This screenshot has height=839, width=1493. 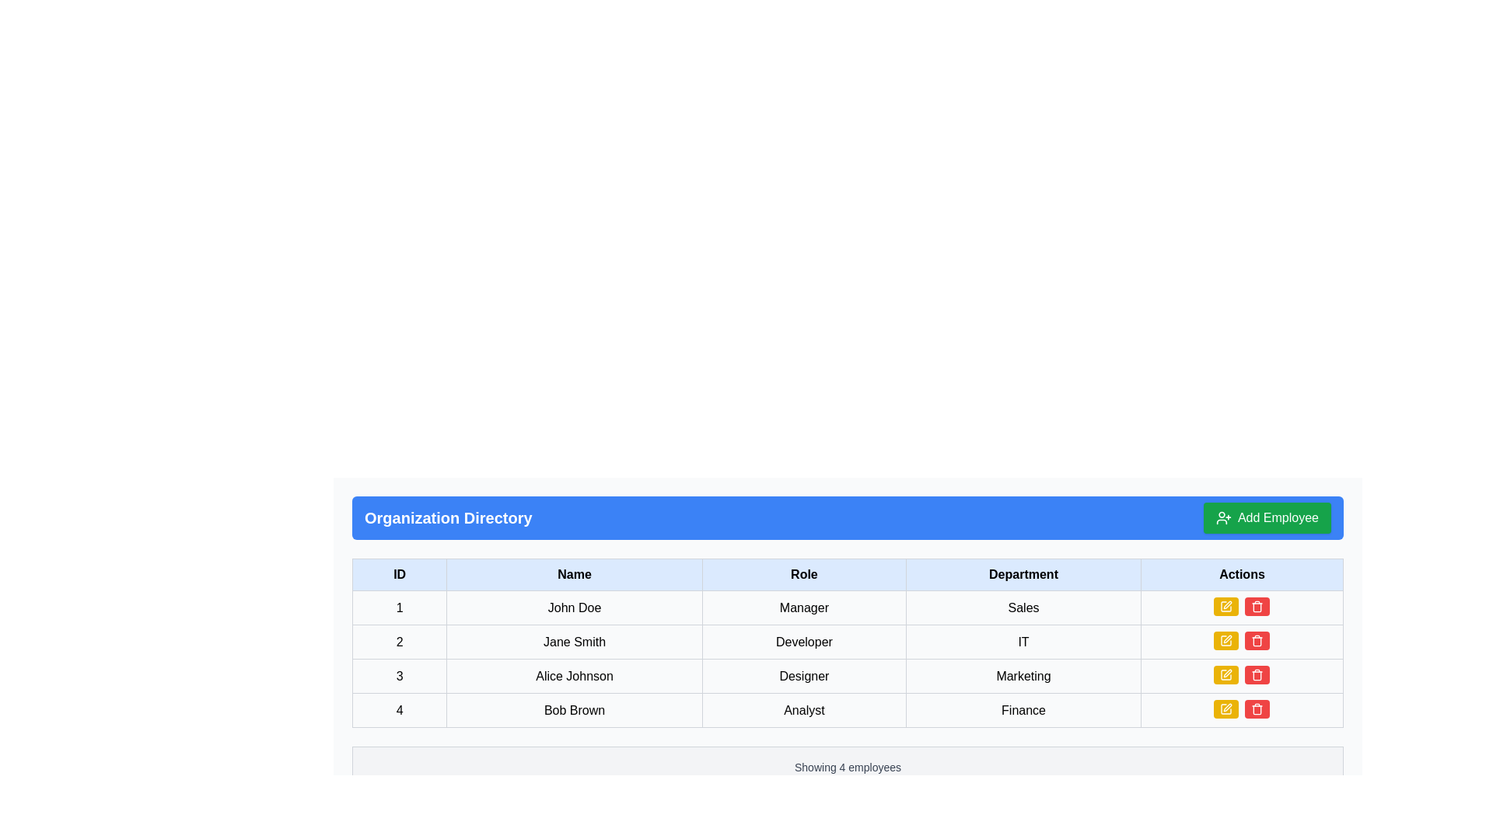 I want to click on the Label element displaying 'Alice Johnson', which is located in the third row of the table under the 'Name' column, so click(x=574, y=675).